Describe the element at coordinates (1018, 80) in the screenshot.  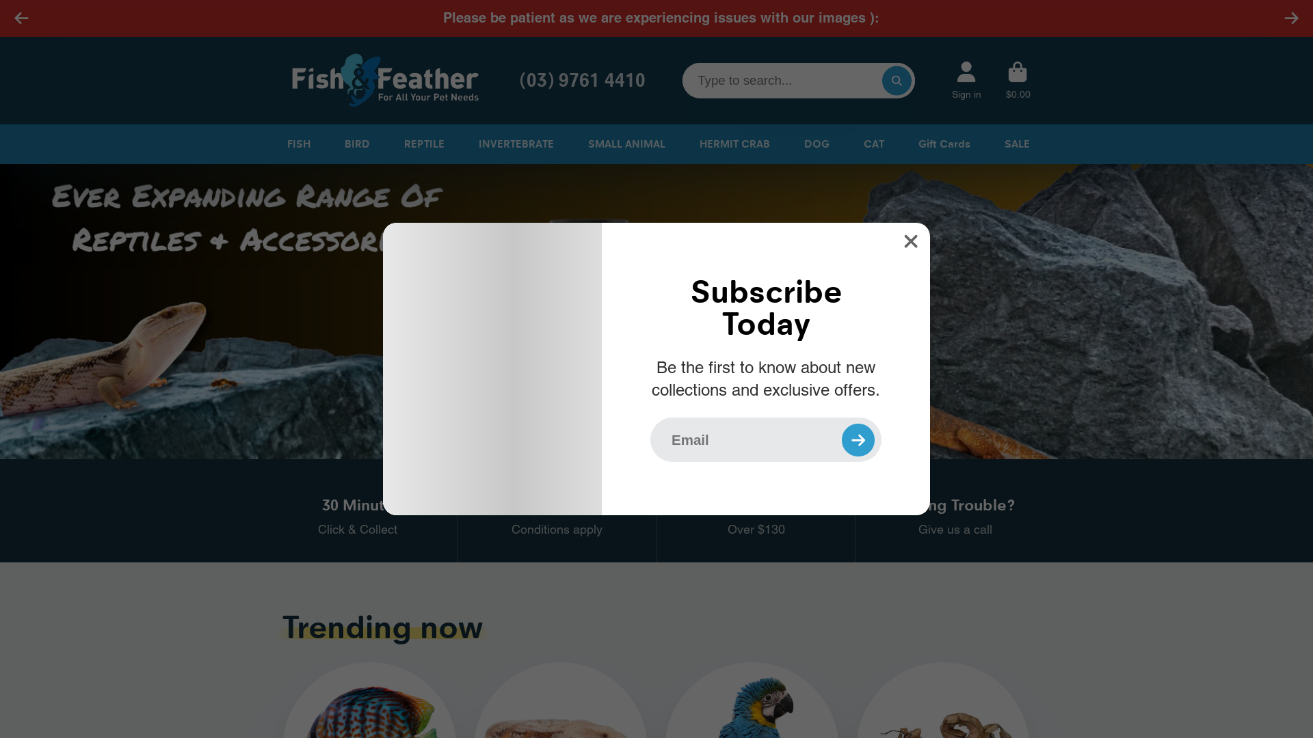
I see `'Cart'` at that location.